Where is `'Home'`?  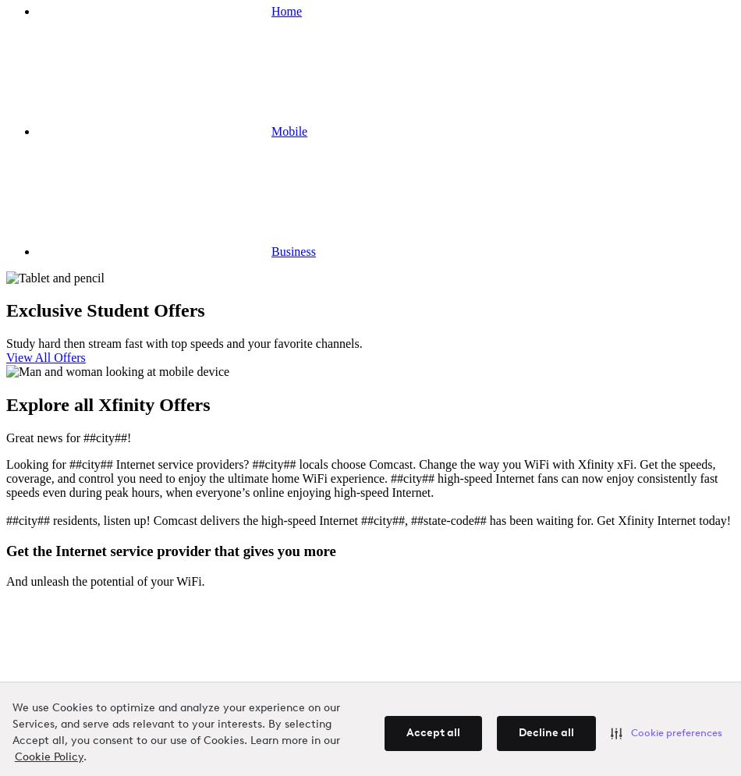 'Home' is located at coordinates (285, 10).